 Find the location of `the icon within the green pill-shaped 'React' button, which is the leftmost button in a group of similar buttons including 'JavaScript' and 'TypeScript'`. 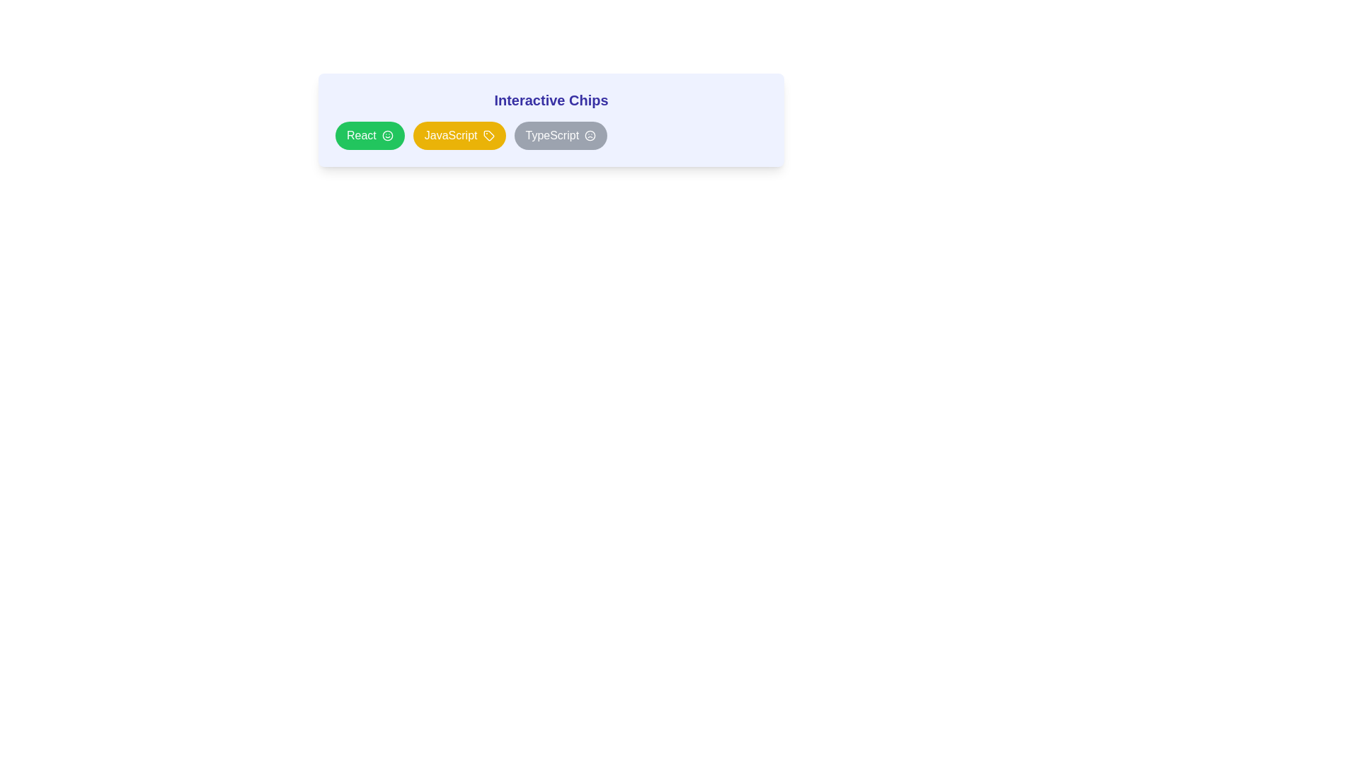

the icon within the green pill-shaped 'React' button, which is the leftmost button in a group of similar buttons including 'JavaScript' and 'TypeScript' is located at coordinates (387, 136).